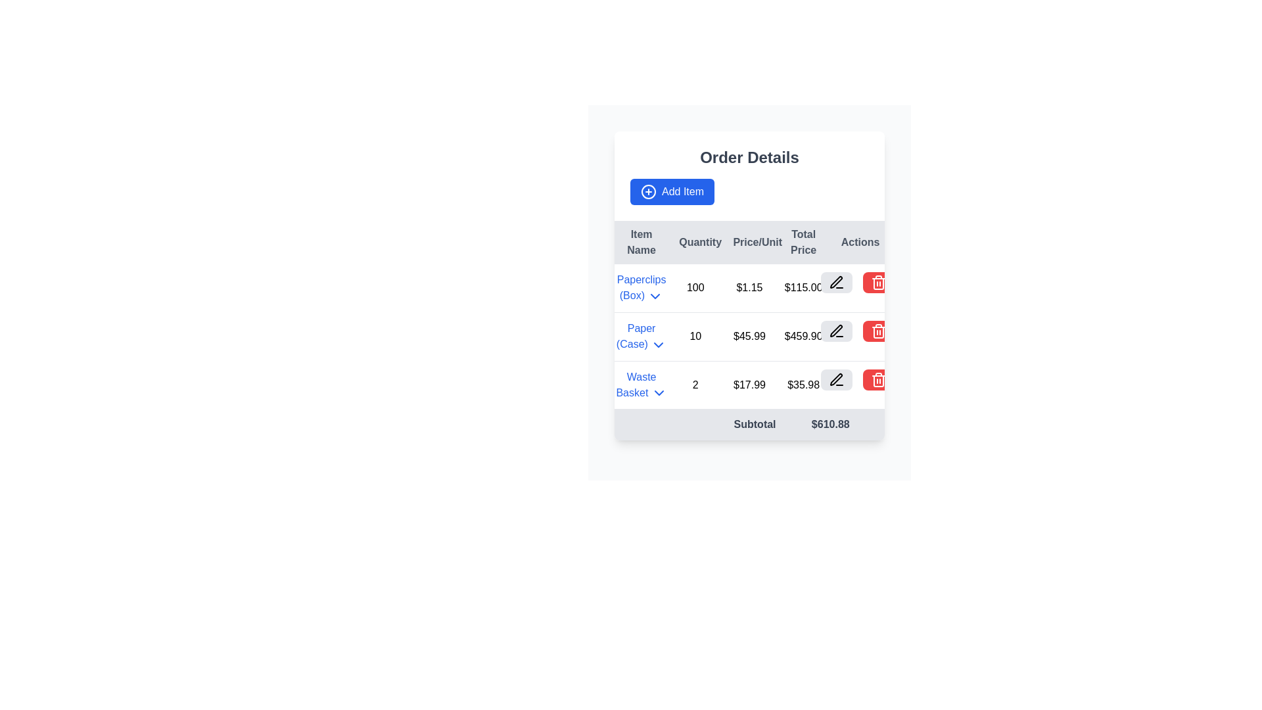  What do you see at coordinates (642, 385) in the screenshot?
I see `the 'Waste Basket' dropdown label text with an icon in the 'Item Name' column of the third row in the 'Order Details' table` at bounding box center [642, 385].